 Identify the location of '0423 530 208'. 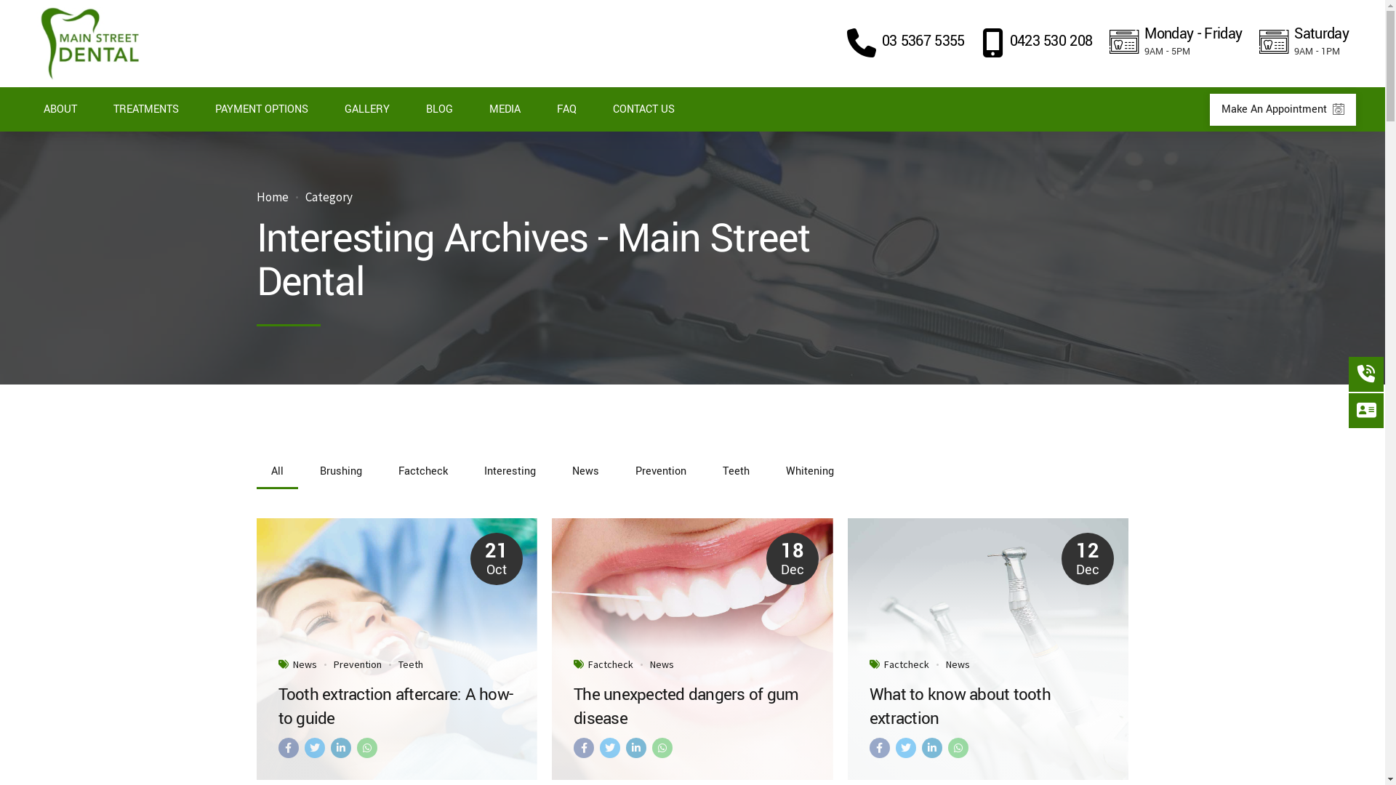
(1036, 43).